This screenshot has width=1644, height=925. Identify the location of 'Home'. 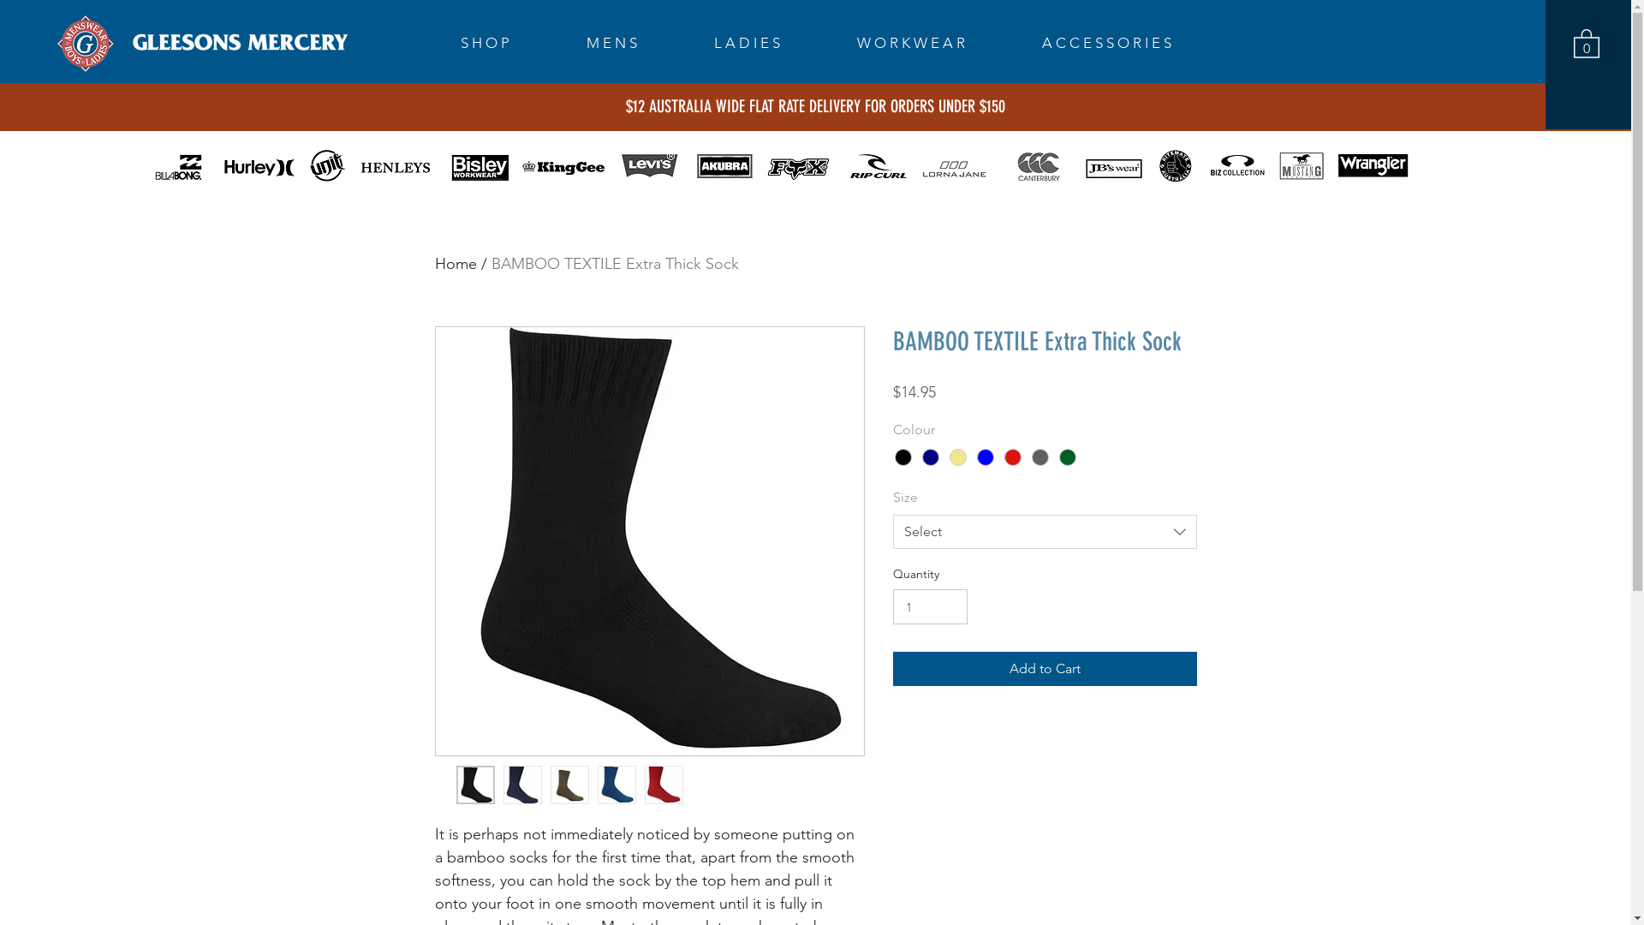
(435, 264).